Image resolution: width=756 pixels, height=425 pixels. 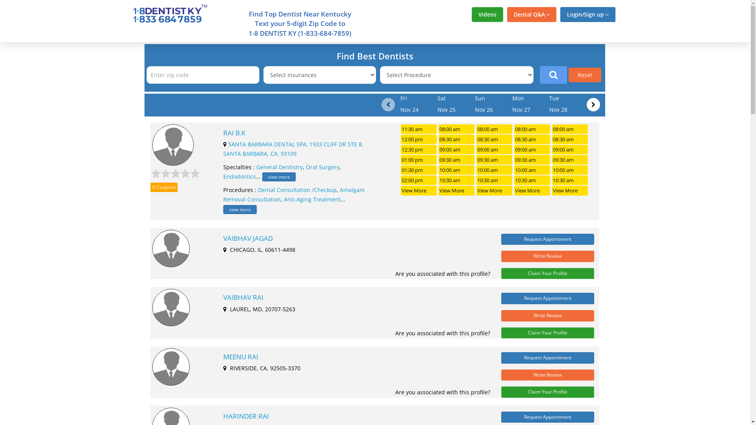 What do you see at coordinates (418, 159) in the screenshot?
I see `'01:00 pm'` at bounding box center [418, 159].